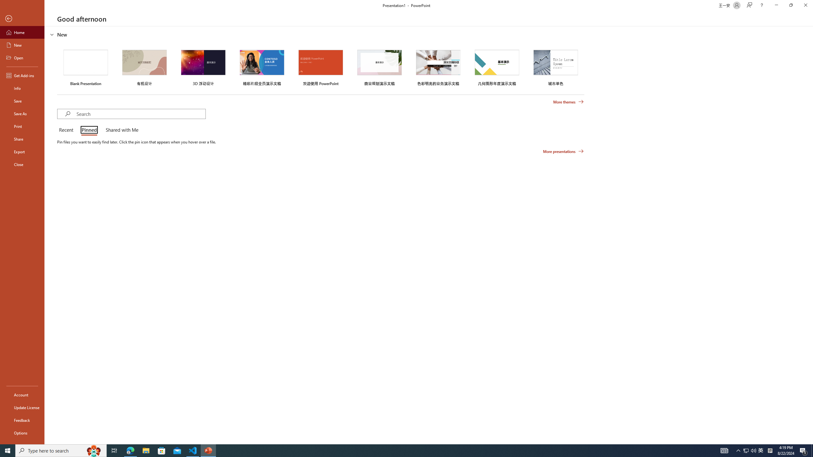 This screenshot has width=813, height=457. What do you see at coordinates (67, 130) in the screenshot?
I see `'Recent'` at bounding box center [67, 130].